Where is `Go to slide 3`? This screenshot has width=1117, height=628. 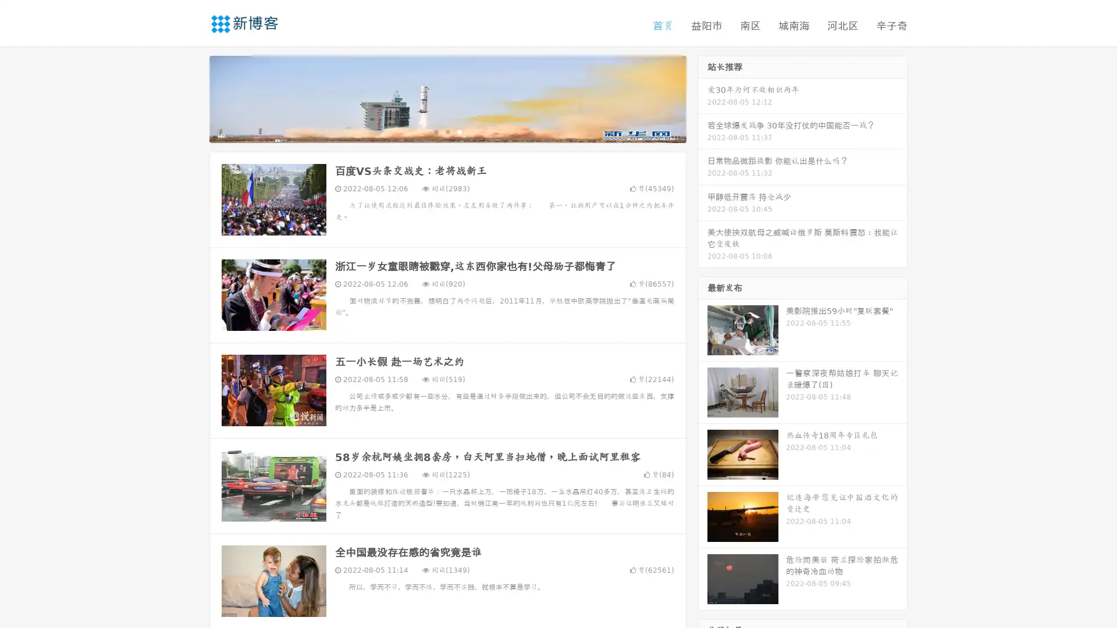 Go to slide 3 is located at coordinates (459, 131).